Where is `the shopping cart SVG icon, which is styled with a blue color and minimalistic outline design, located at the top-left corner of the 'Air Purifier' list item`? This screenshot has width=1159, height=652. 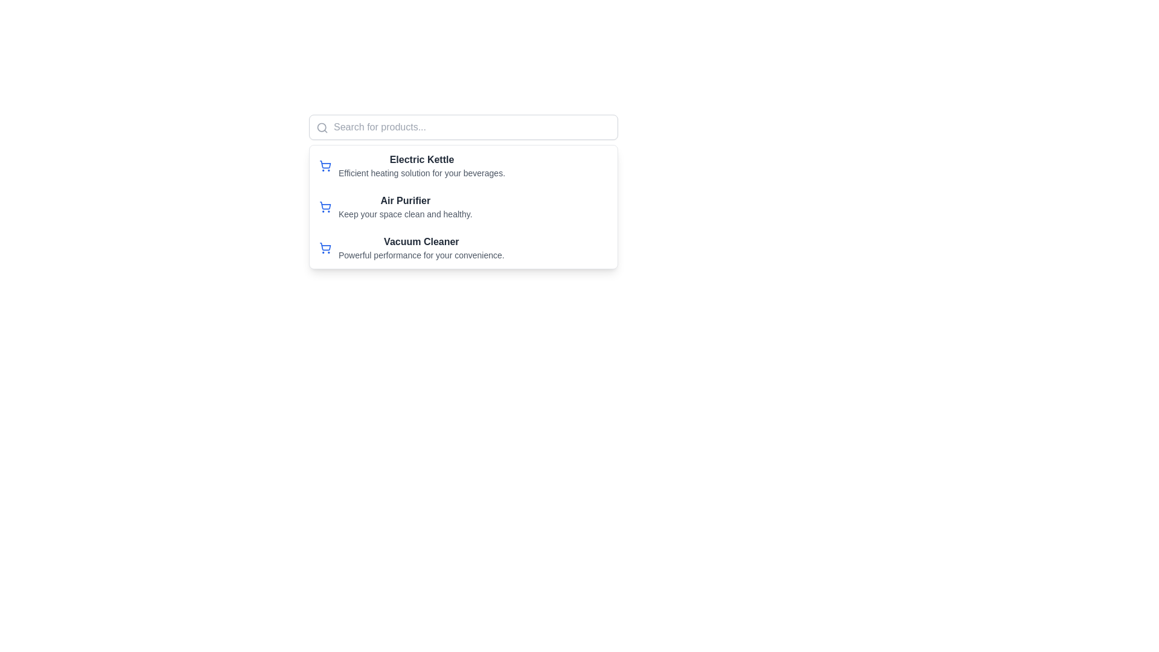
the shopping cart SVG icon, which is styled with a blue color and minimalistic outline design, located at the top-left corner of the 'Air Purifier' list item is located at coordinates (325, 206).